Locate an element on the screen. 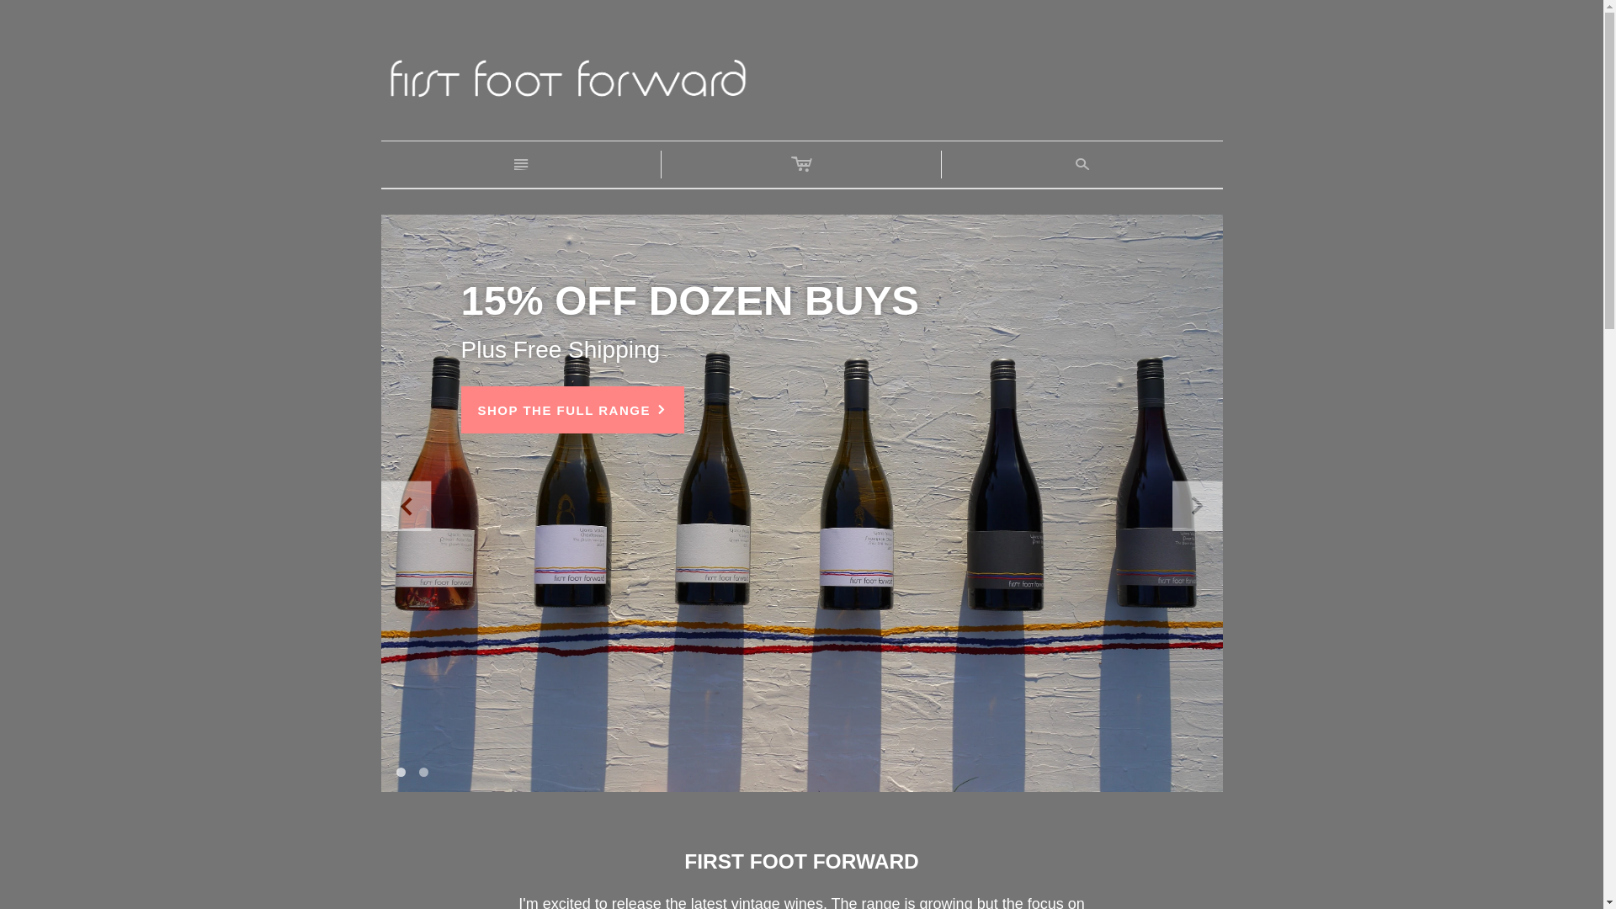 Image resolution: width=1616 pixels, height=909 pixels. 'c' is located at coordinates (661, 164).